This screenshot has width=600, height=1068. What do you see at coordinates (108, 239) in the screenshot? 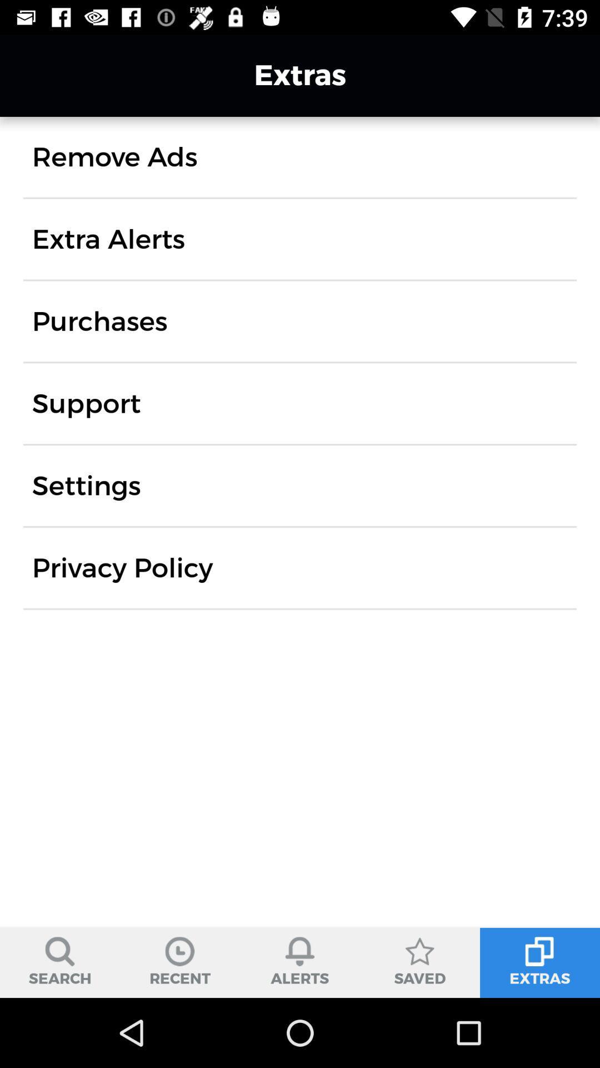
I see `extra alerts item` at bounding box center [108, 239].